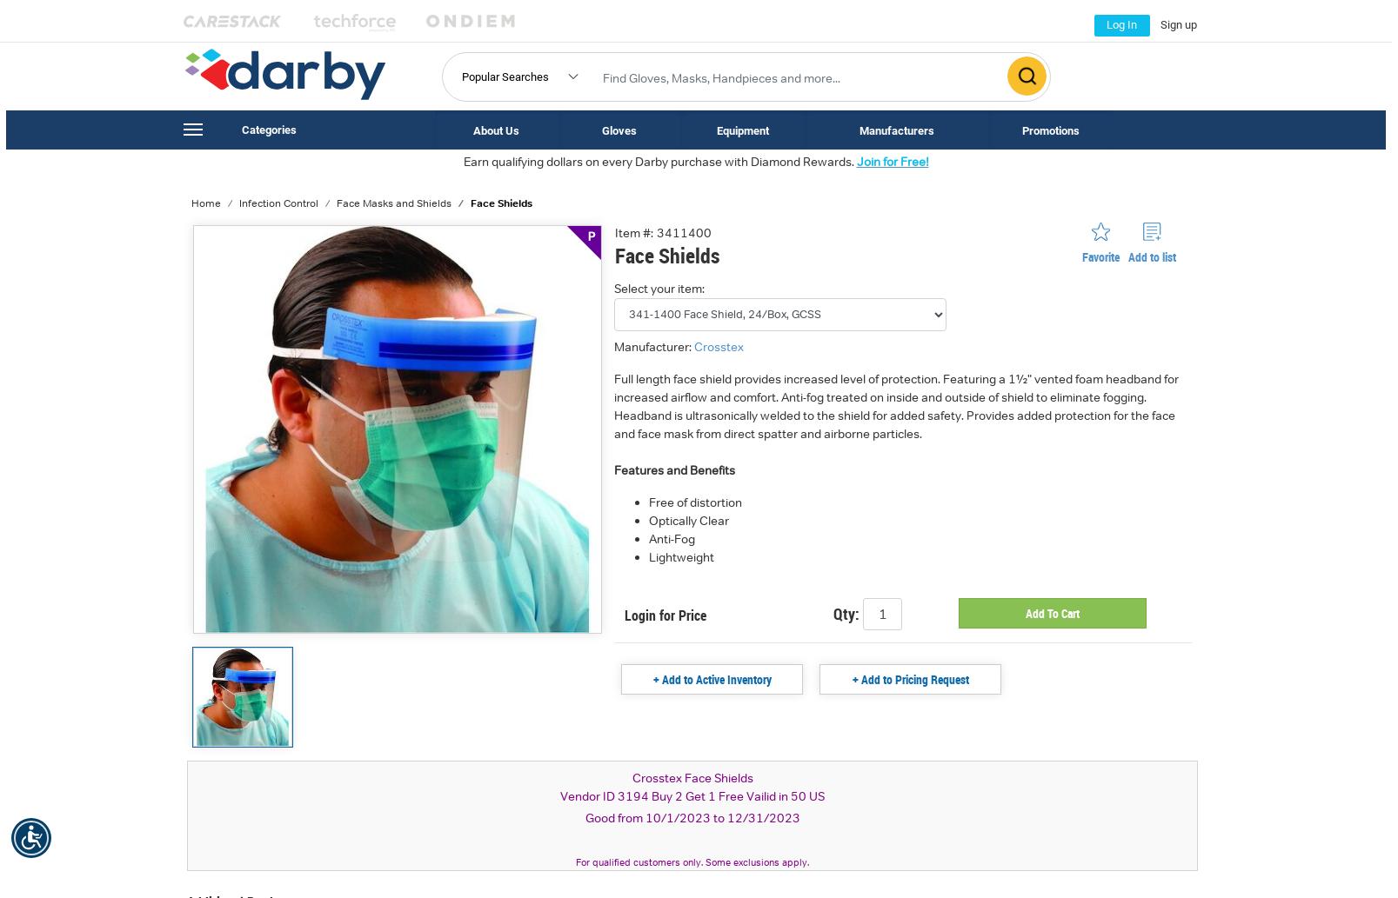  Describe the element at coordinates (1159, 24) in the screenshot. I see `'Sign up'` at that location.